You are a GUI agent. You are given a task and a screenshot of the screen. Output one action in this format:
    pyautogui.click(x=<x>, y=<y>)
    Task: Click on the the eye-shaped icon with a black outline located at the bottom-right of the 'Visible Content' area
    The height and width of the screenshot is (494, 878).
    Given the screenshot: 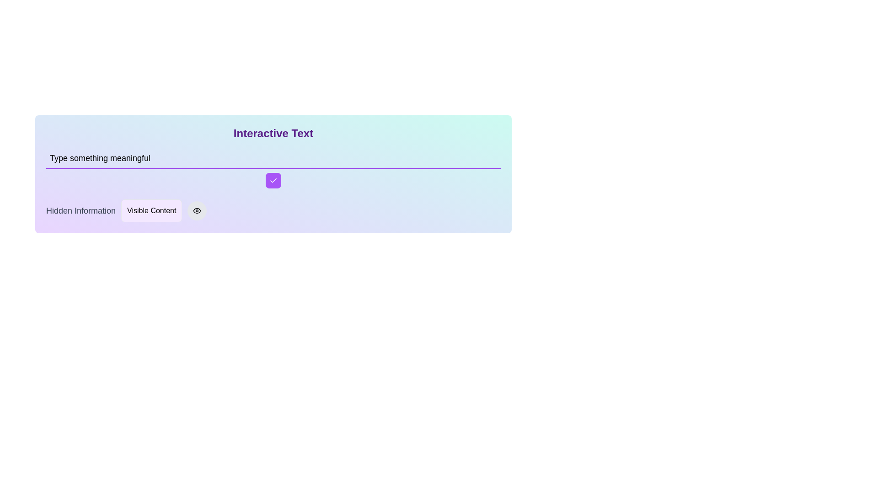 What is the action you would take?
    pyautogui.click(x=197, y=211)
    